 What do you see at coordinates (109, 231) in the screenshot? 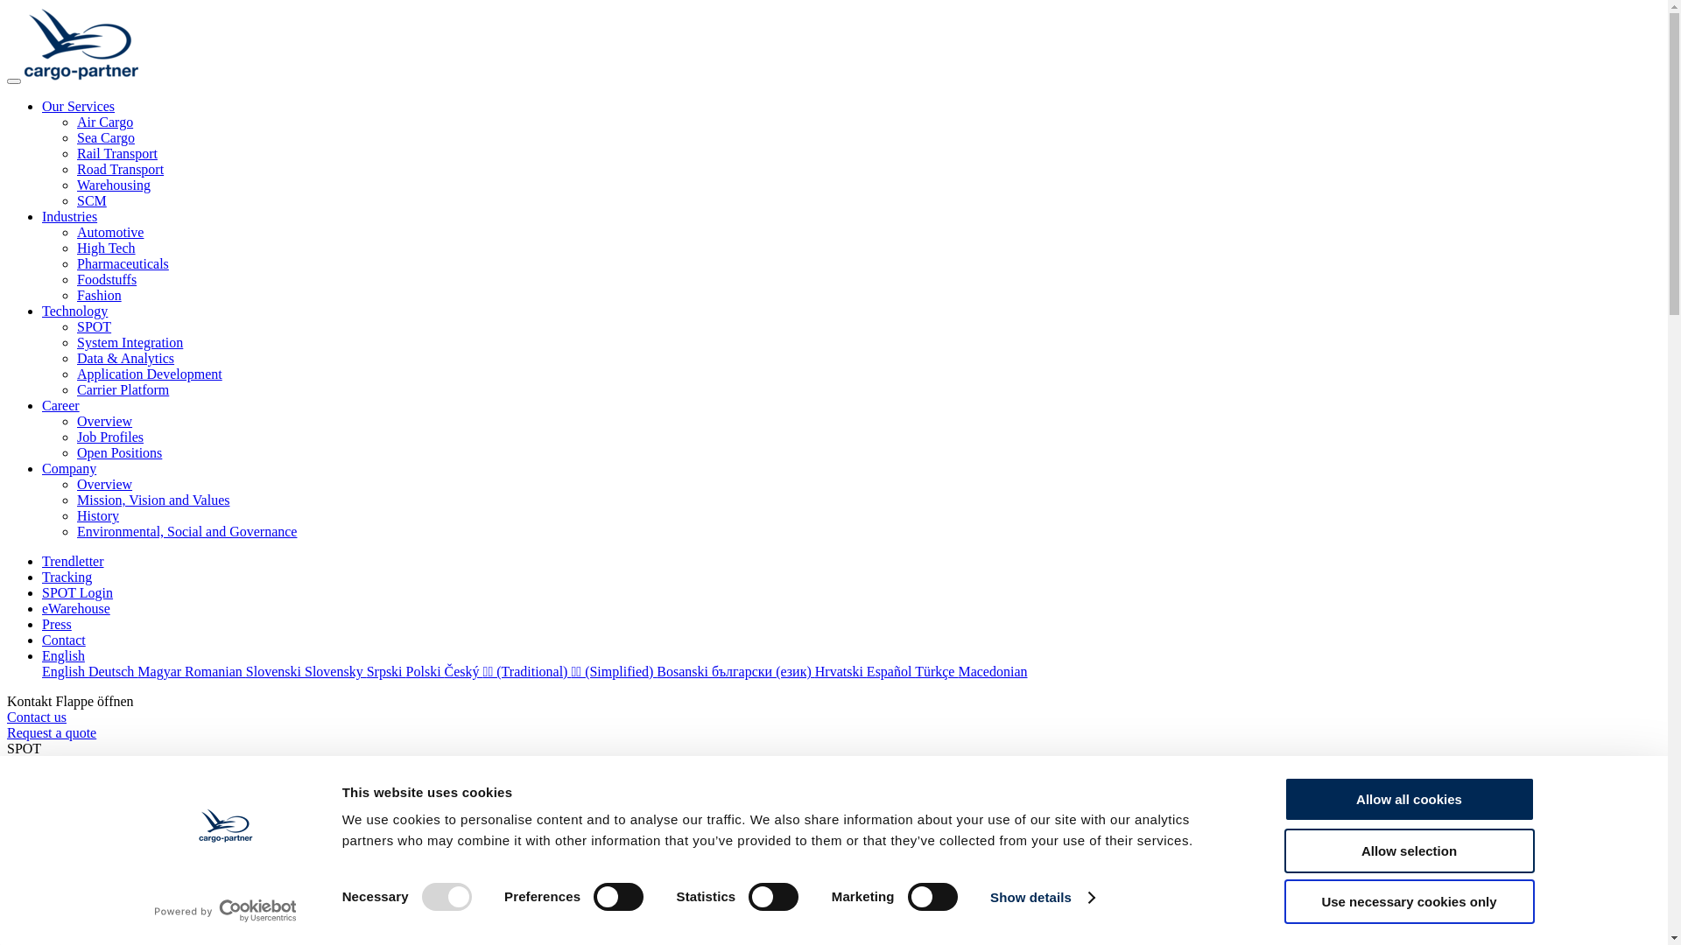
I see `'Automotive'` at bounding box center [109, 231].